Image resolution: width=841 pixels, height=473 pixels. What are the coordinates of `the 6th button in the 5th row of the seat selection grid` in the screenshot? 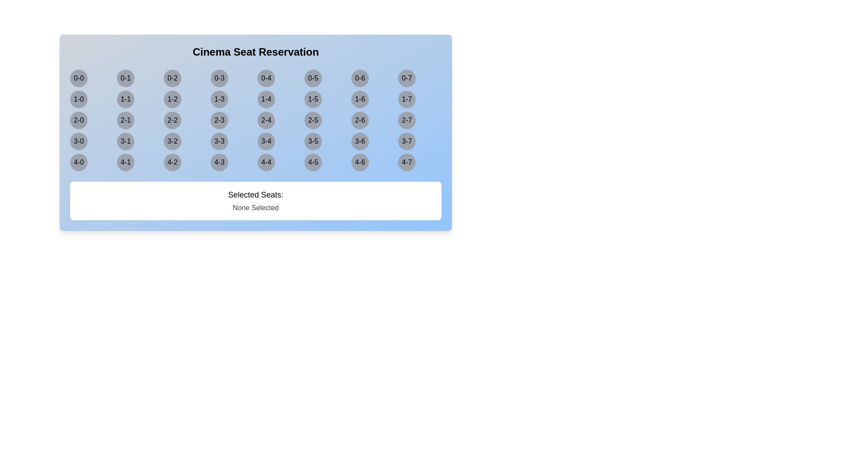 It's located at (313, 162).